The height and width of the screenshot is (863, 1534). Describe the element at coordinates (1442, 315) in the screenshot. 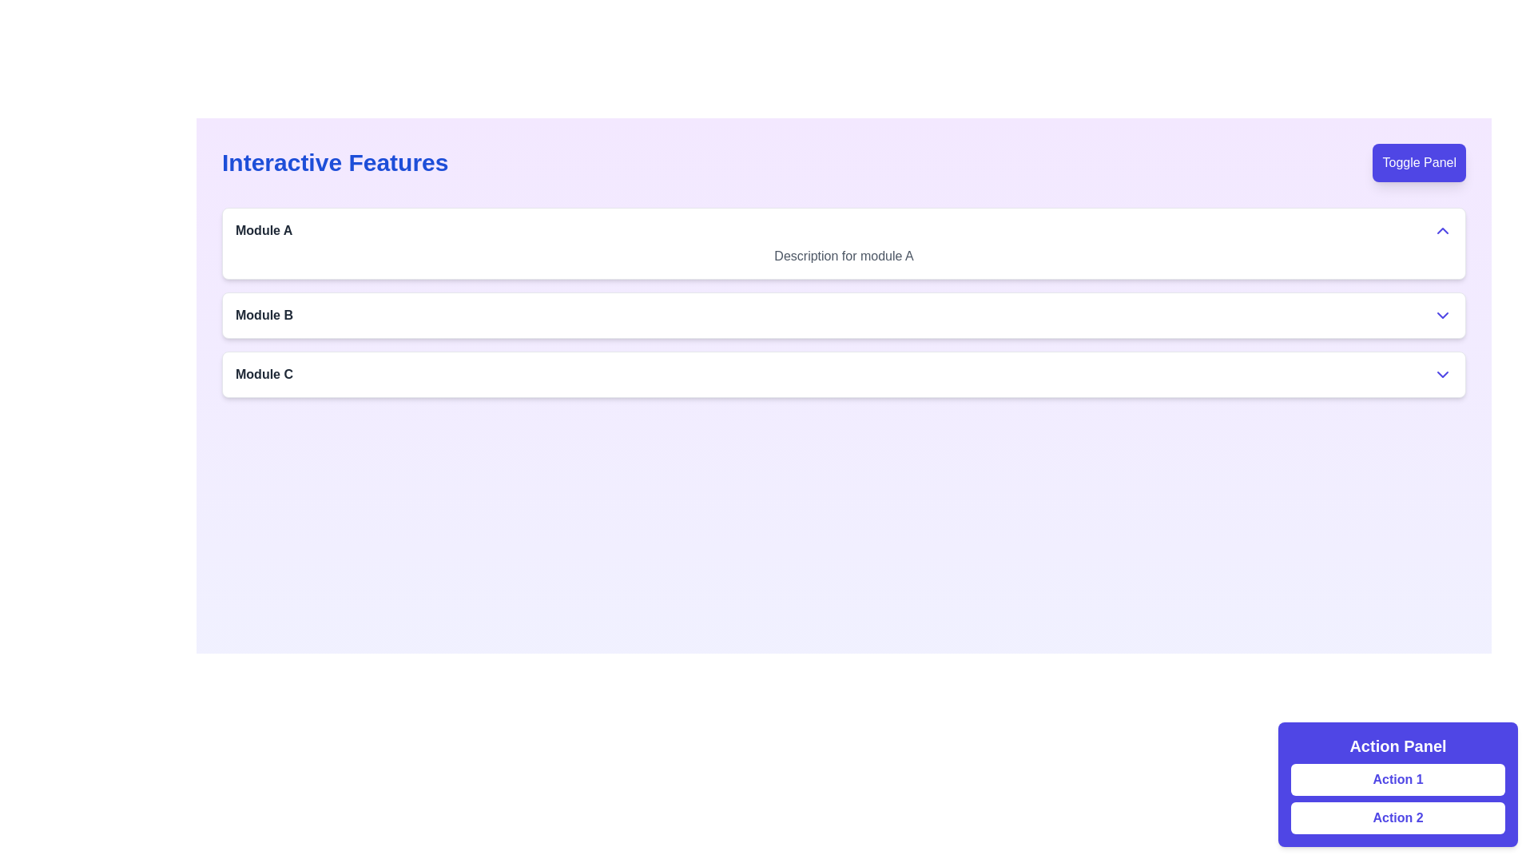

I see `the downward-pointing chevron arrow icon, which is dark blue and located at the far-right end of the 'Module B' horizontal bar` at that location.